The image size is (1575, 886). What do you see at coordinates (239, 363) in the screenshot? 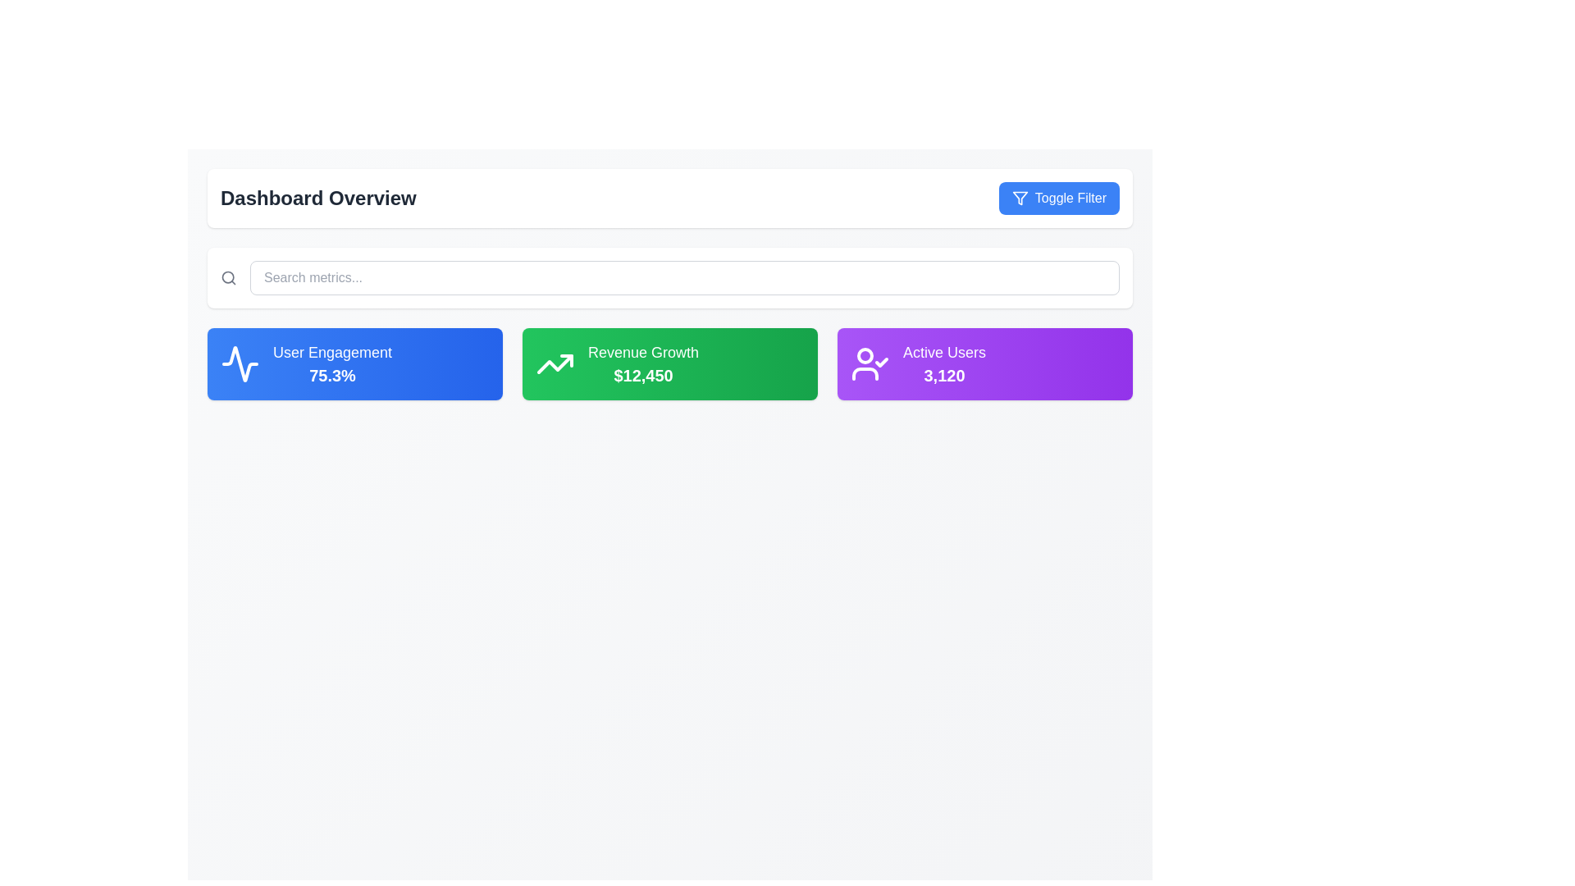
I see `the waveform icon with a clean, minimalistic white outline on a vibrant blue background, located in the leftmost section of the User Engagement metric card` at bounding box center [239, 363].